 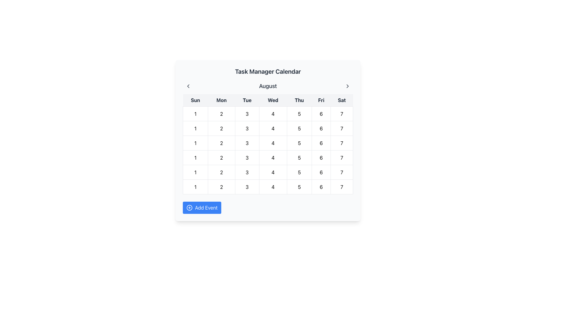 What do you see at coordinates (273, 186) in the screenshot?
I see `the Date Cell displaying '4' in the calendar grid under the header 'August'` at bounding box center [273, 186].